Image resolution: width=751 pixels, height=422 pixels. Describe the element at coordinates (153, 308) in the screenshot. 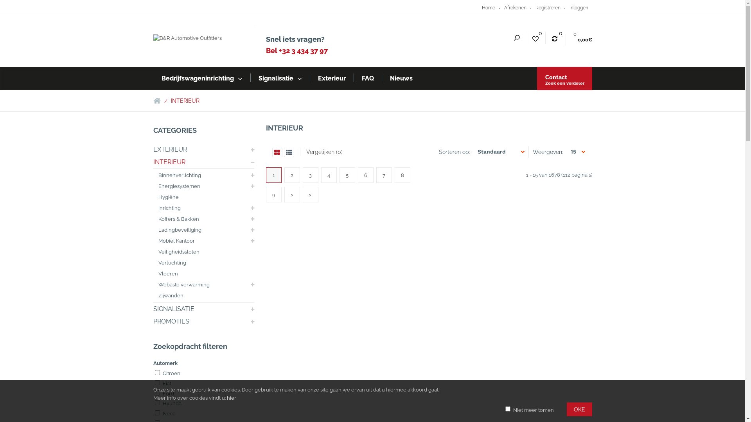

I see `'SIGNALISATIE'` at that location.